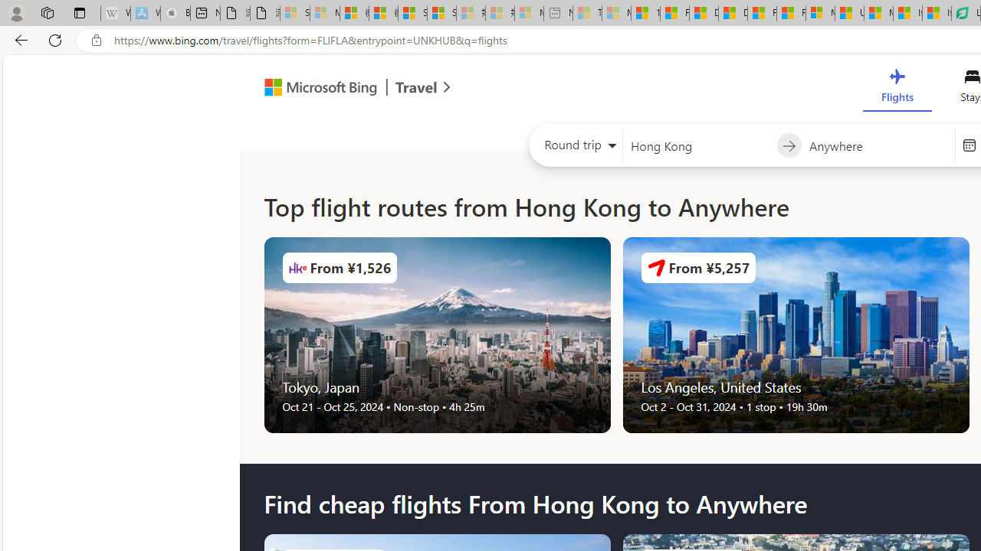 The image size is (981, 551). What do you see at coordinates (340, 90) in the screenshot?
I see `'Microsoft Bing Travel'` at bounding box center [340, 90].